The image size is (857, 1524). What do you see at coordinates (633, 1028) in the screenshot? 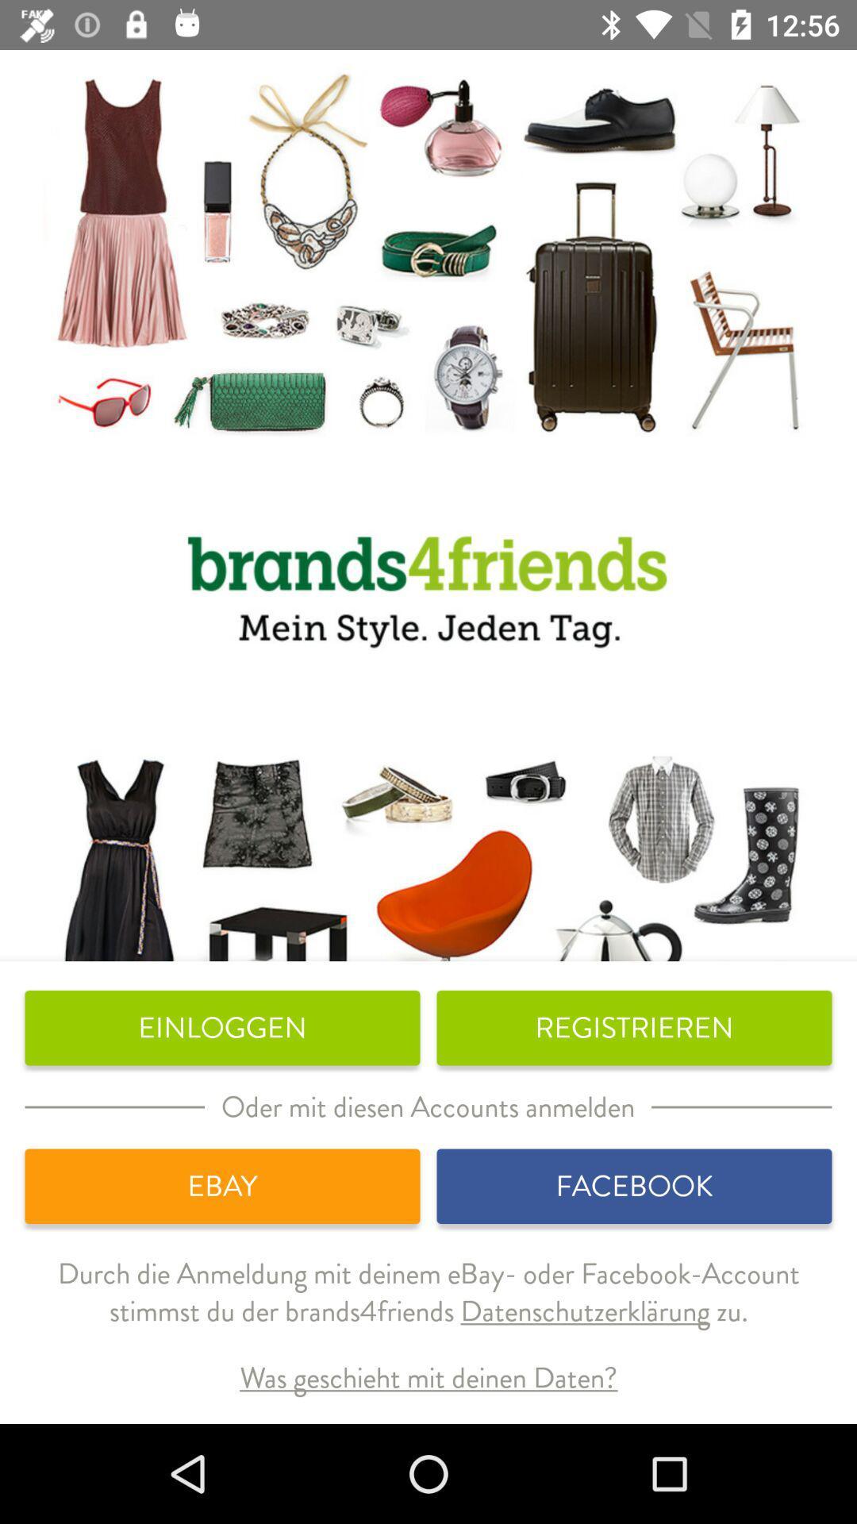
I see `the icon to the right of einloggen` at bounding box center [633, 1028].